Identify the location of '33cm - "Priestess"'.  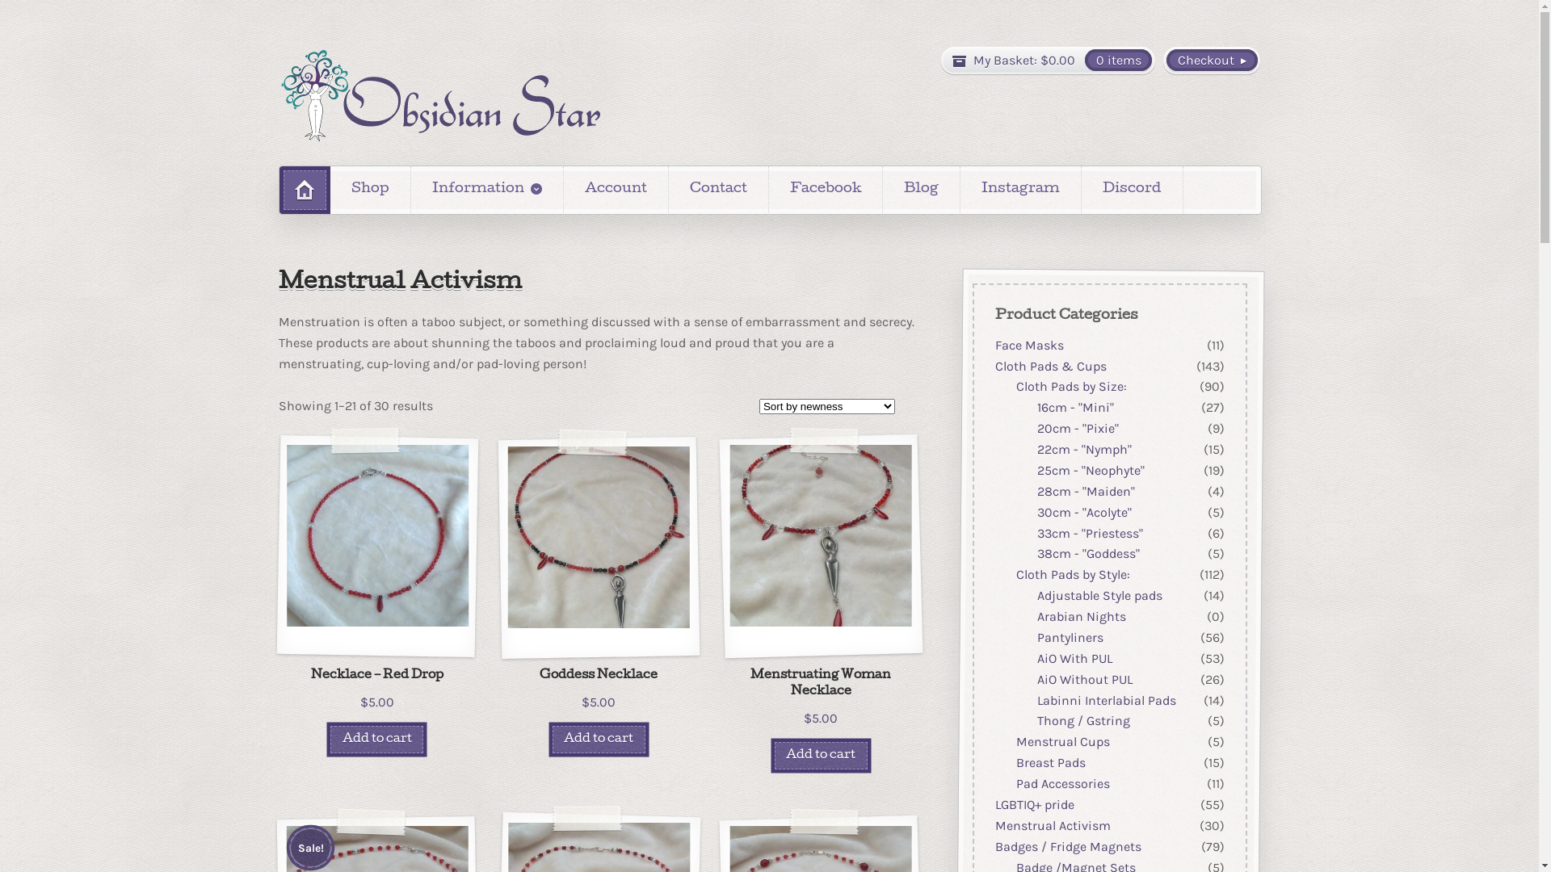
(1089, 533).